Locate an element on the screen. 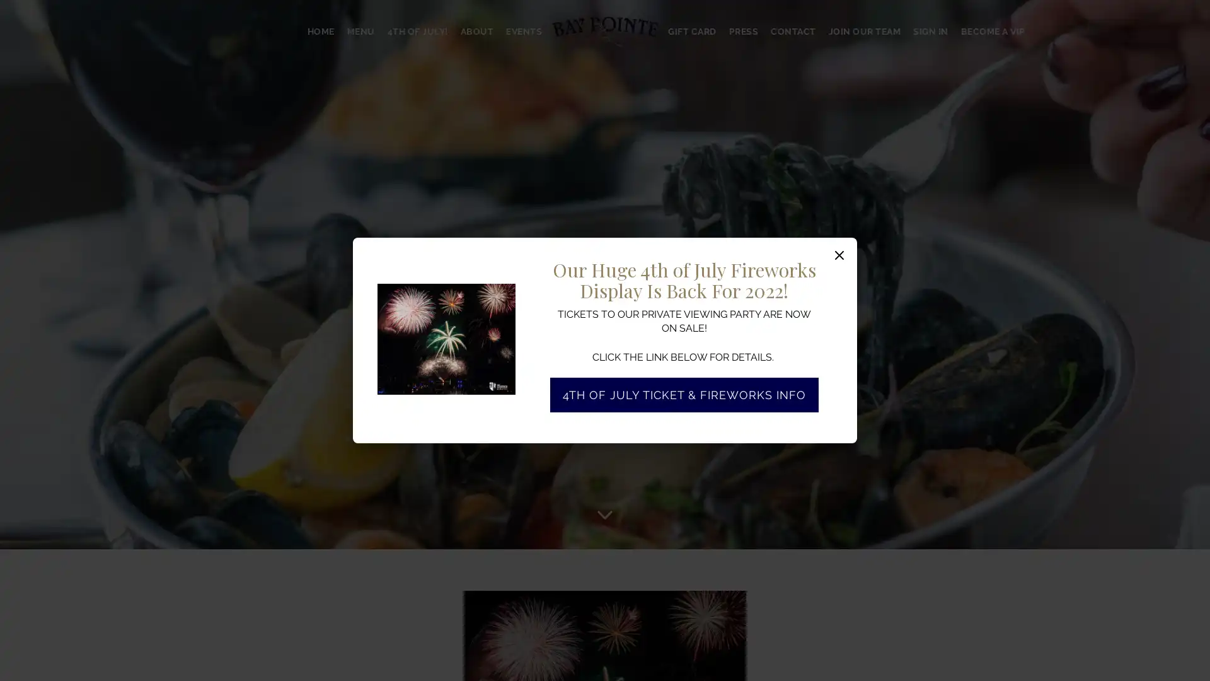  BECOME A VIP is located at coordinates (991, 31).